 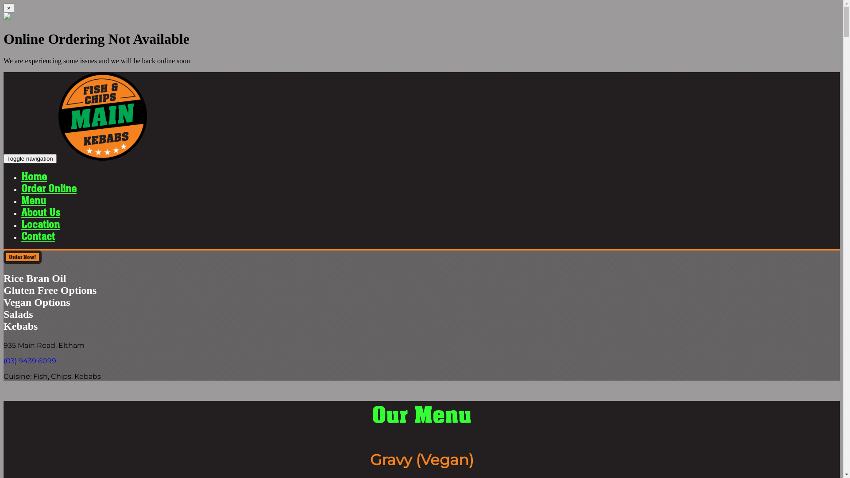 What do you see at coordinates (40, 224) in the screenshot?
I see `'Location'` at bounding box center [40, 224].